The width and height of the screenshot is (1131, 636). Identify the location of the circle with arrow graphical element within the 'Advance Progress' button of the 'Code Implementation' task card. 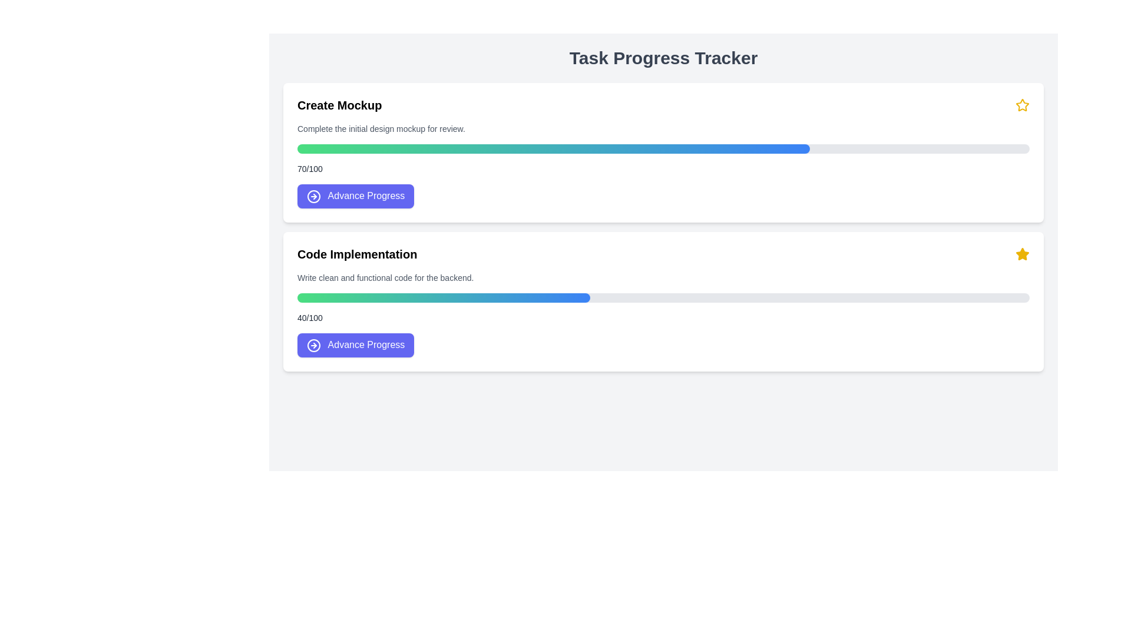
(313, 344).